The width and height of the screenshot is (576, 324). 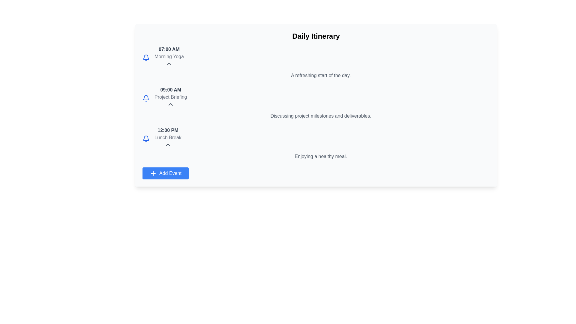 What do you see at coordinates (169, 49) in the screenshot?
I see `the text label displaying '07:00 AM', which is in bold, dark gray font and positioned at the top of a schedule entry` at bounding box center [169, 49].